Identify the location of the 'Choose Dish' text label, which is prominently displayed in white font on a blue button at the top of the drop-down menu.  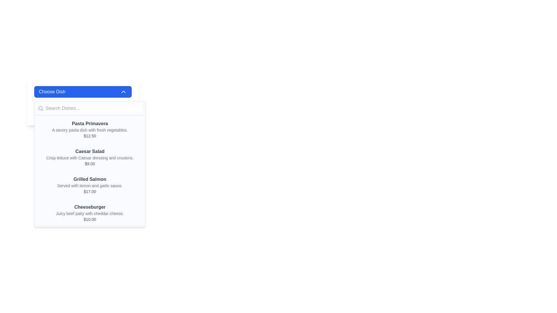
(52, 91).